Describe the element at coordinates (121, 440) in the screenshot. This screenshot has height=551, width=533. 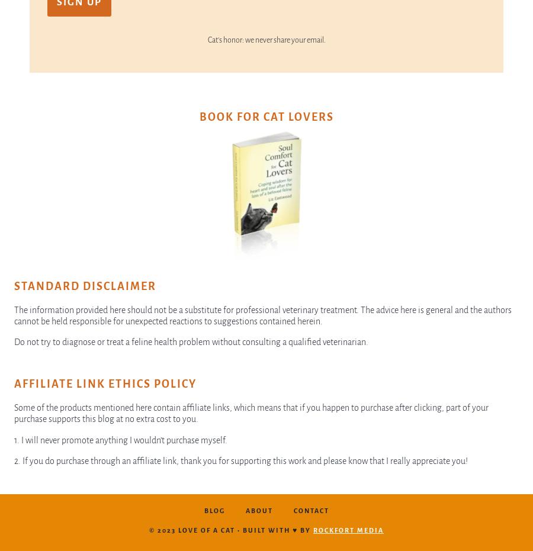
I see `'1. I will never promote anything I wouldn’t purchase myself.'` at that location.